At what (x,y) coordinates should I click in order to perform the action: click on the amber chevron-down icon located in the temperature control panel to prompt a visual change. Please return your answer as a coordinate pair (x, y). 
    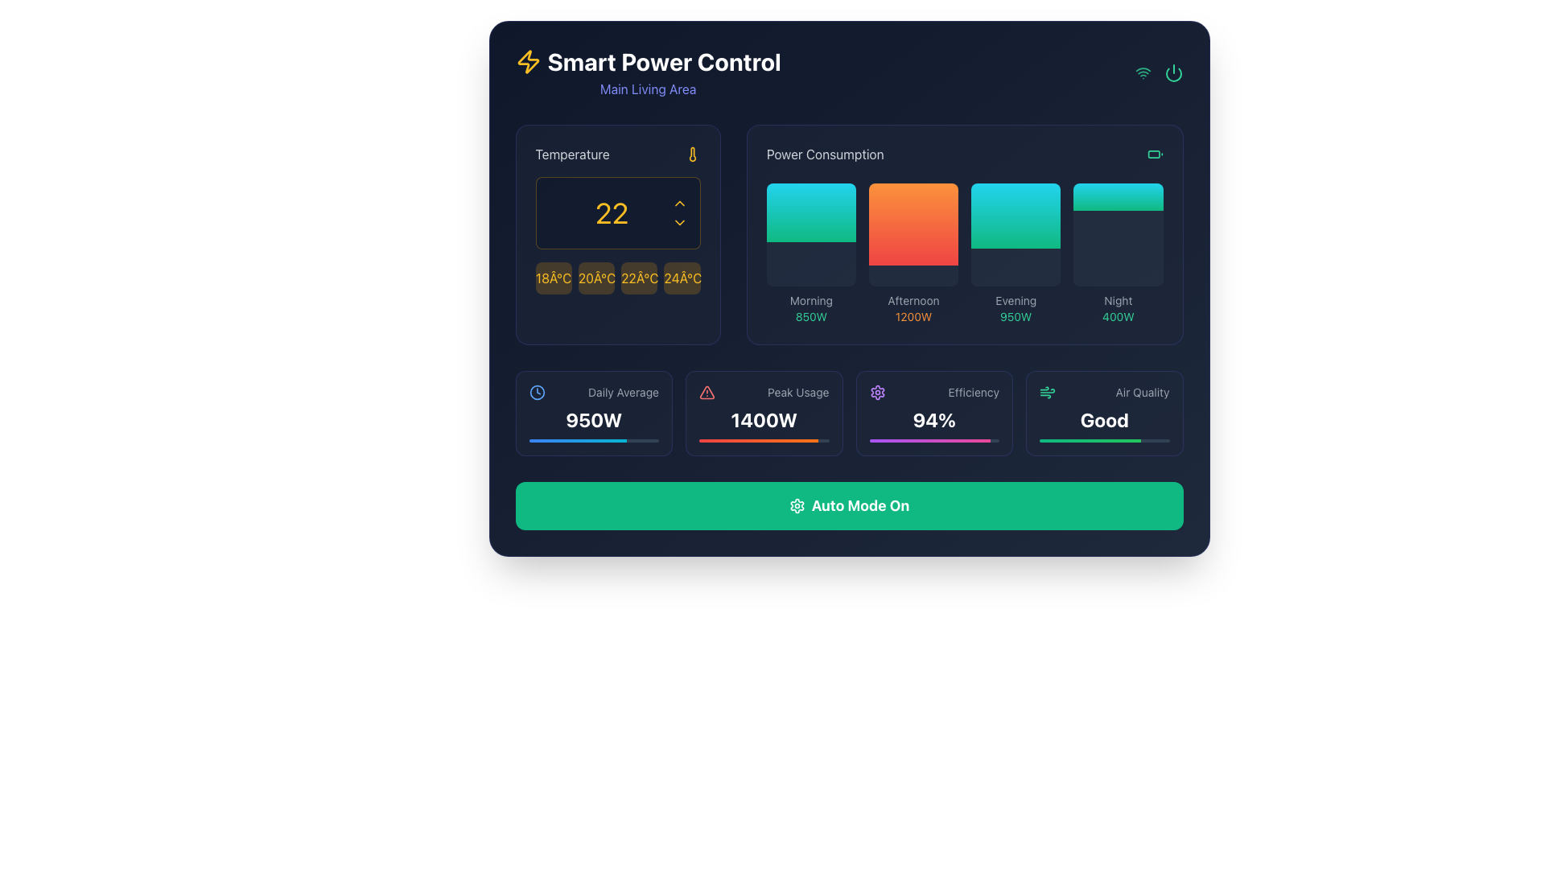
    Looking at the image, I should click on (679, 223).